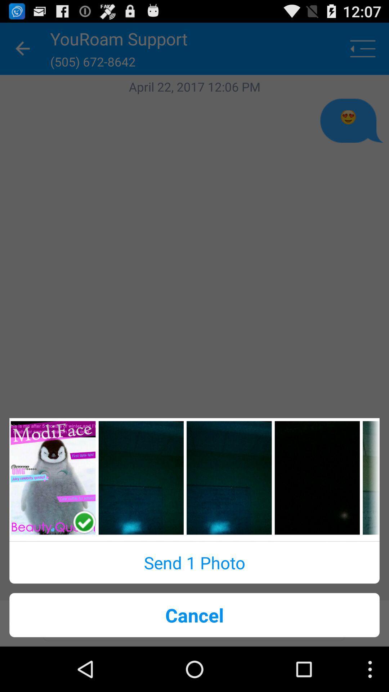  I want to click on photo option, so click(229, 478).